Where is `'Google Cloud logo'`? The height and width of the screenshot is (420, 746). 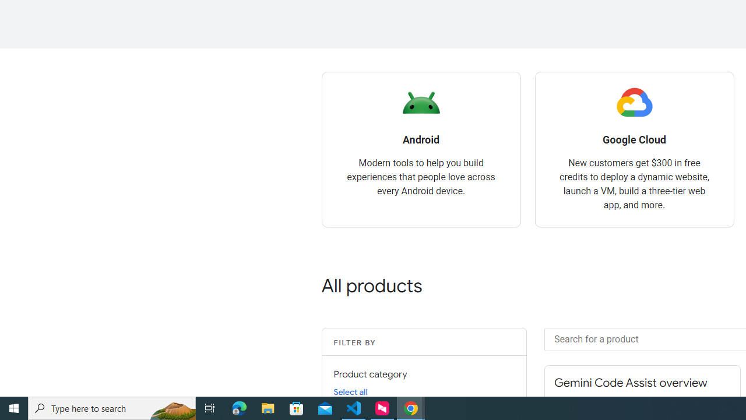 'Google Cloud logo' is located at coordinates (634, 102).